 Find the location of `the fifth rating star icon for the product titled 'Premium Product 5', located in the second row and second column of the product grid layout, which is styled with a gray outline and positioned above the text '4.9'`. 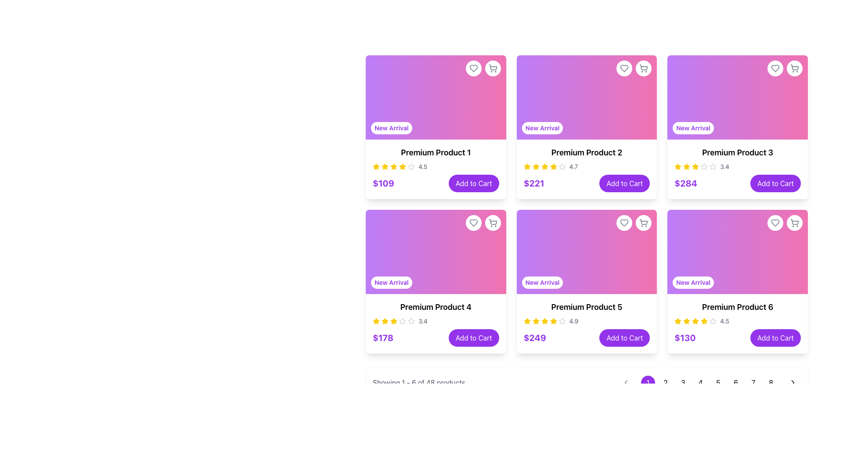

the fifth rating star icon for the product titled 'Premium Product 5', located in the second row and second column of the product grid layout, which is styled with a gray outline and positioned above the text '4.9' is located at coordinates (562, 321).